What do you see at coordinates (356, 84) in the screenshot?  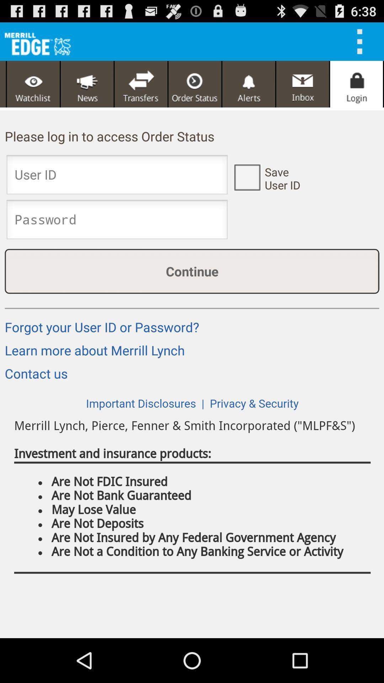 I see `login button` at bounding box center [356, 84].